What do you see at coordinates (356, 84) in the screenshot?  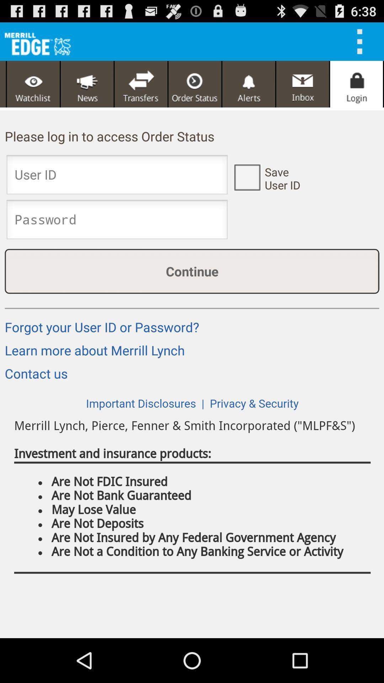 I see `login button` at bounding box center [356, 84].